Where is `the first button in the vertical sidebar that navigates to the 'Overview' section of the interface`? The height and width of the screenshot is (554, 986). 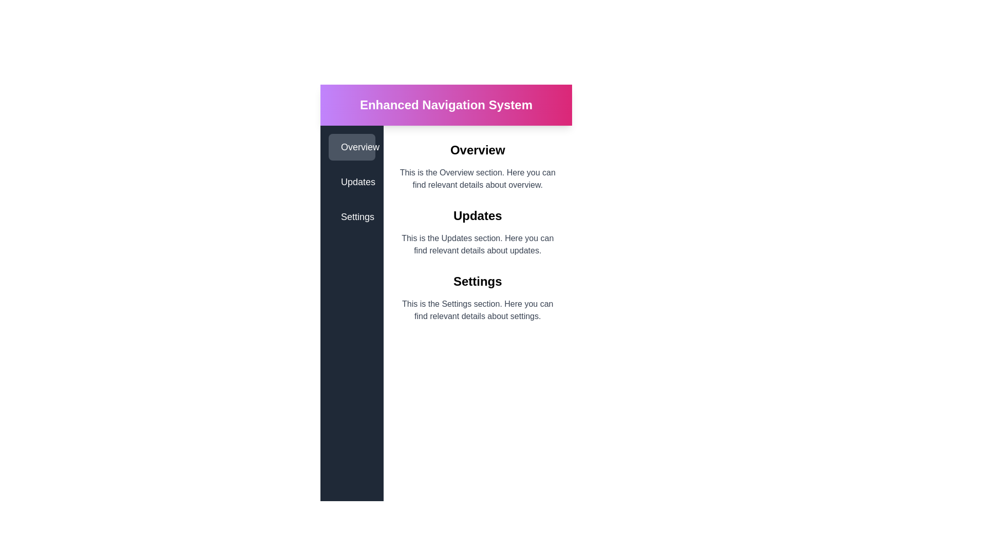
the first button in the vertical sidebar that navigates to the 'Overview' section of the interface is located at coordinates (352, 147).